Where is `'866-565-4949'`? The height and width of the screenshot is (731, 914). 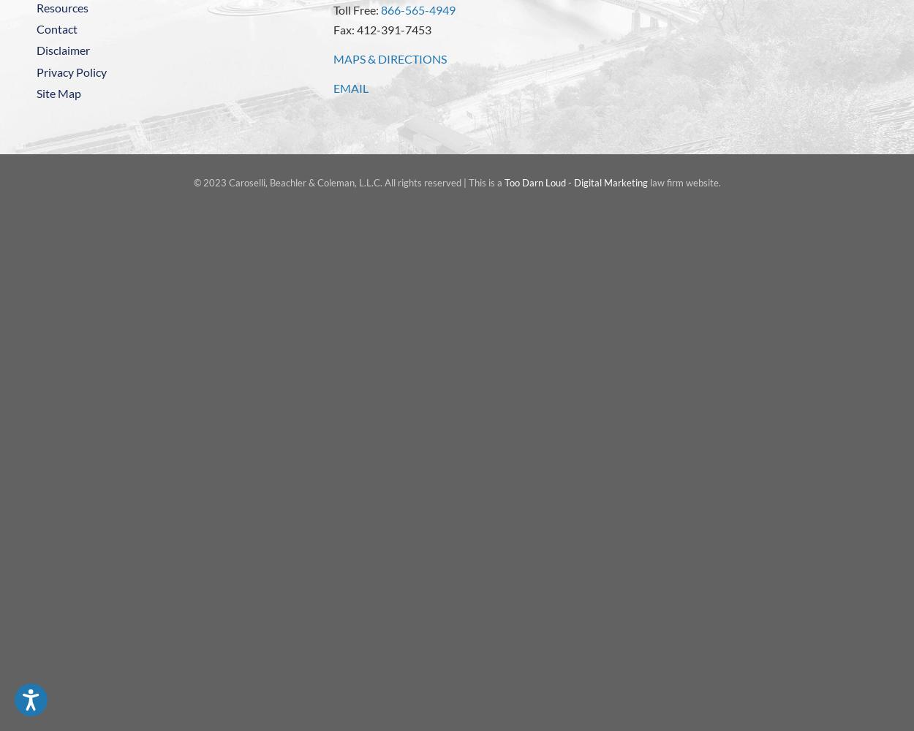 '866-565-4949' is located at coordinates (418, 10).